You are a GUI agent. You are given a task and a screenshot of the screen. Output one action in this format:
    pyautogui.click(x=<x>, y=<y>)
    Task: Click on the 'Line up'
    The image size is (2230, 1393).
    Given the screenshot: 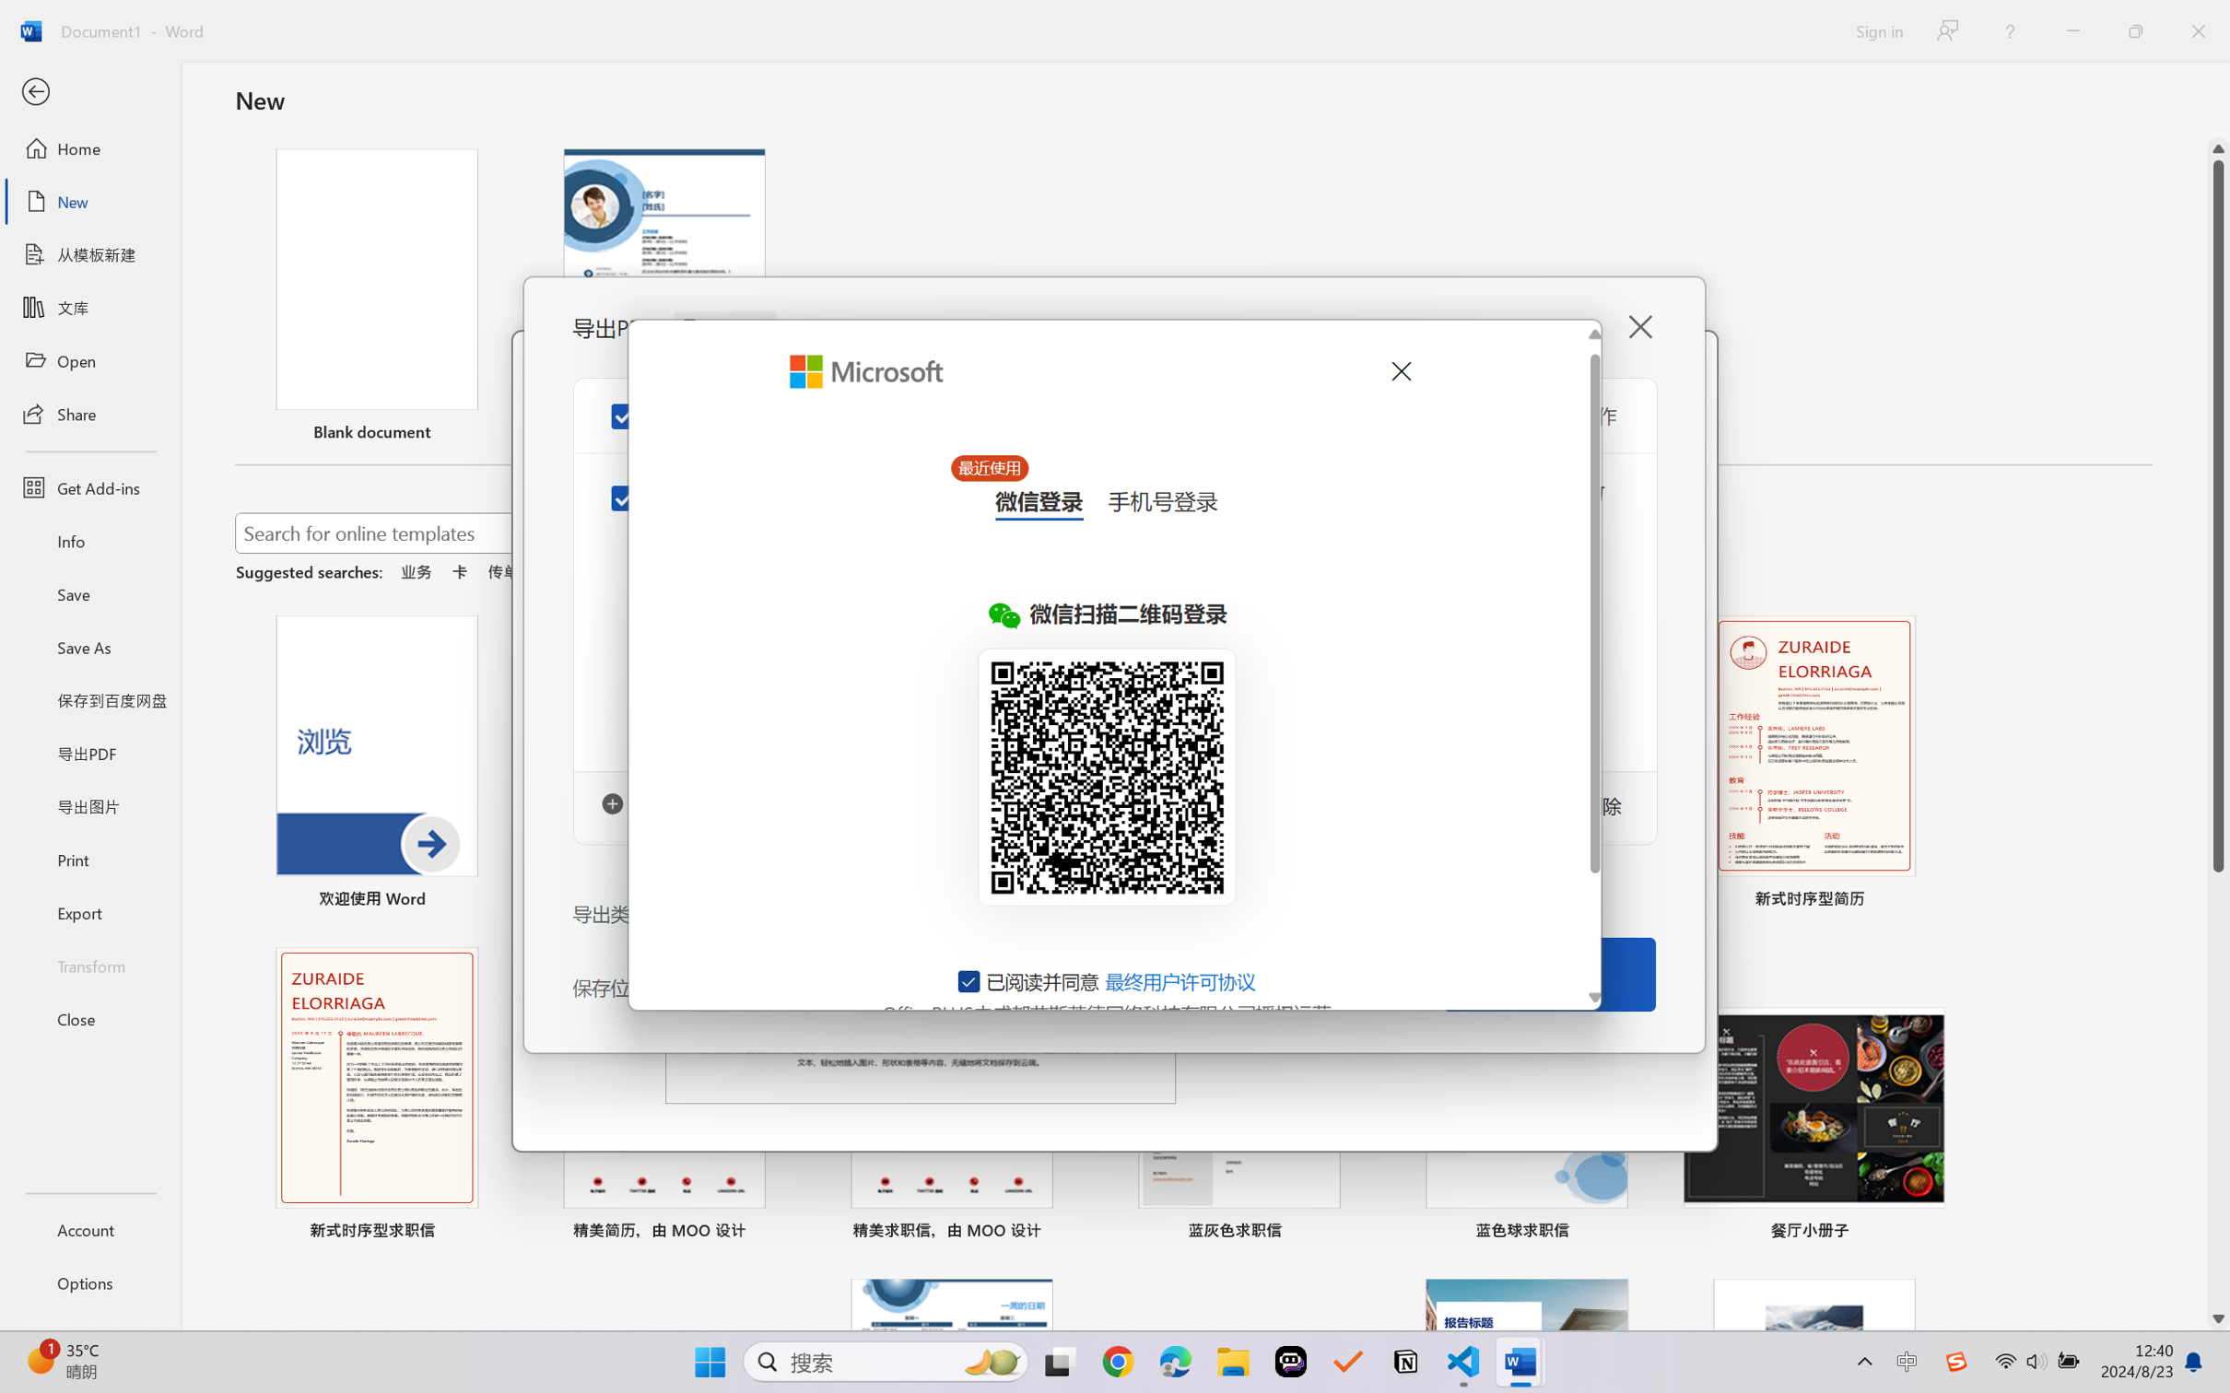 What is the action you would take?
    pyautogui.click(x=2218, y=148)
    